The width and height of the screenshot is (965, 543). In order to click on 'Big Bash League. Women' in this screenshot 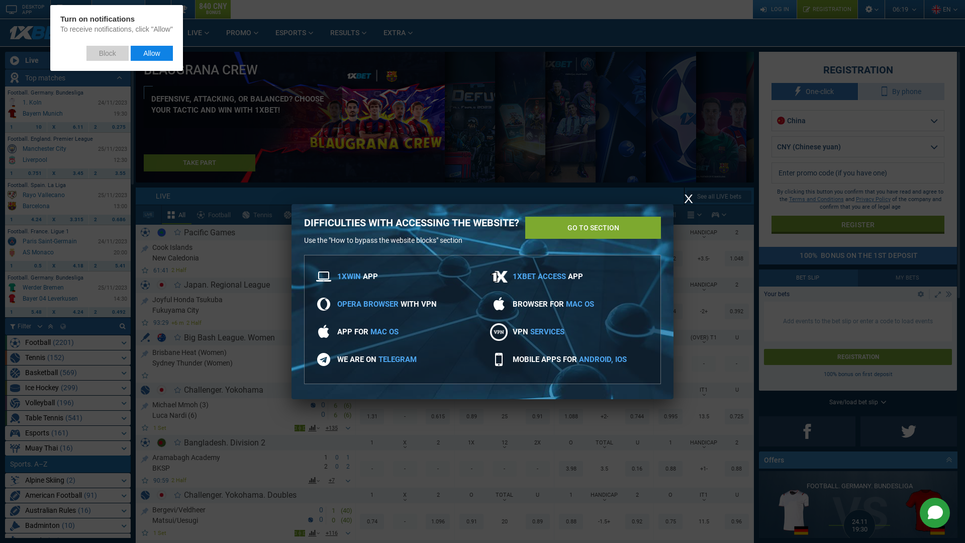, I will do `click(229, 337)`.